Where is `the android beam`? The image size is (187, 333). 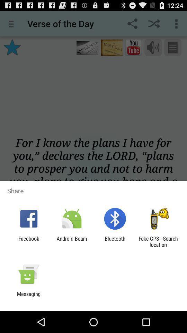 the android beam is located at coordinates (71, 241).